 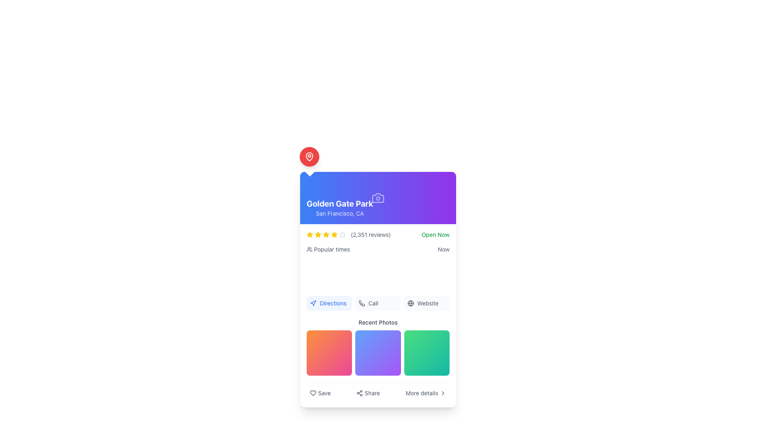 What do you see at coordinates (334, 234) in the screenshot?
I see `the sixth star in the rating system, which indicates a partial rating, positioned to the left of a gray star and aligned with the '(2,351 reviews)' section` at bounding box center [334, 234].